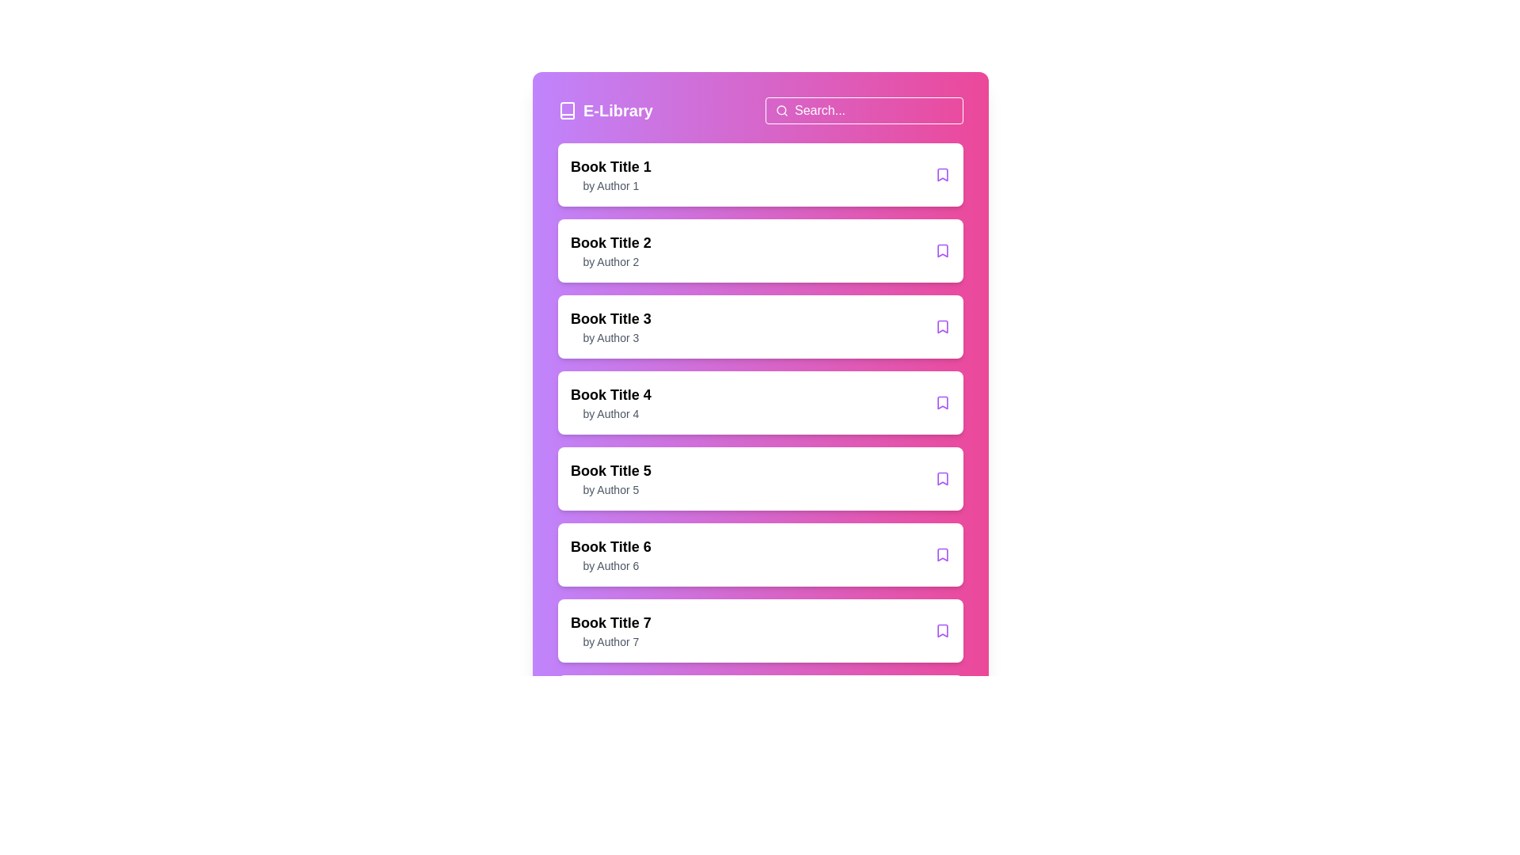  What do you see at coordinates (942, 174) in the screenshot?
I see `the bookmark icon located at the top-right corner of the first list entry displaying 'Book Title 1' by 'Author 1'` at bounding box center [942, 174].